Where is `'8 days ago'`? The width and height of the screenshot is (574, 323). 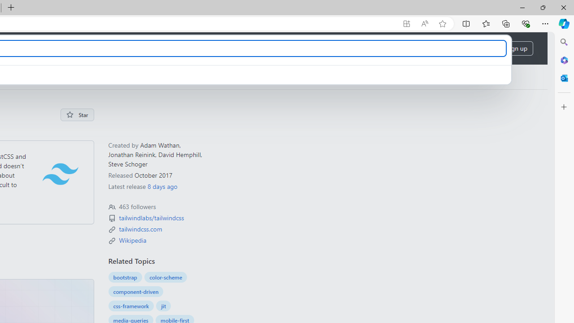 '8 days ago' is located at coordinates (162, 186).